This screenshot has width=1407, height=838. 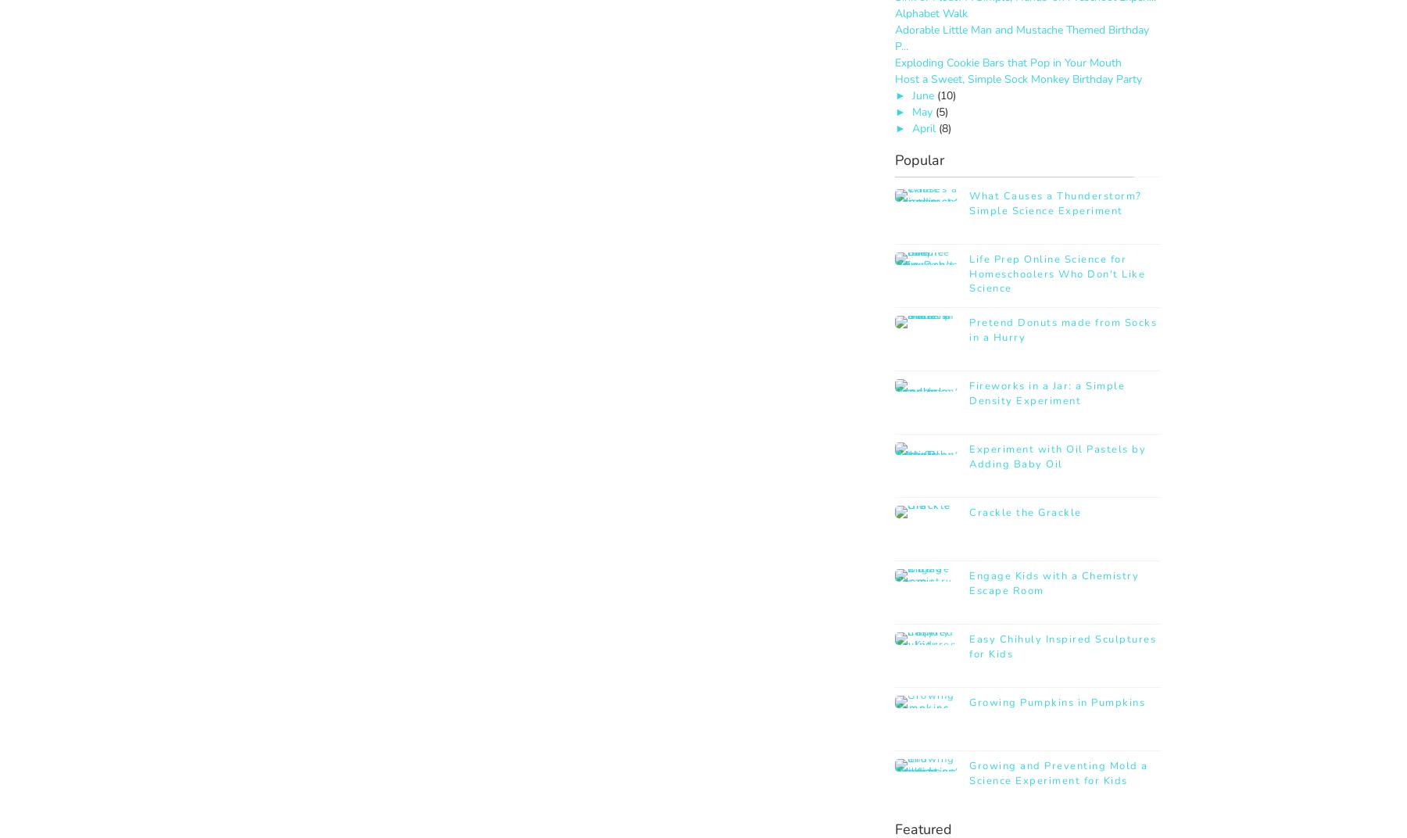 I want to click on '(5)', so click(x=940, y=111).